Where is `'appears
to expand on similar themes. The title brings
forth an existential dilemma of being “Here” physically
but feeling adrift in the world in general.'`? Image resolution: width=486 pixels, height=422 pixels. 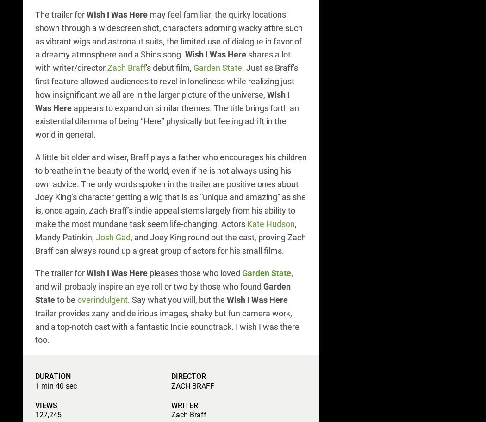
'appears
to expand on similar themes. The title brings
forth an existential dilemma of being “Here” physically
but feeling adrift in the world in general.' is located at coordinates (166, 120).